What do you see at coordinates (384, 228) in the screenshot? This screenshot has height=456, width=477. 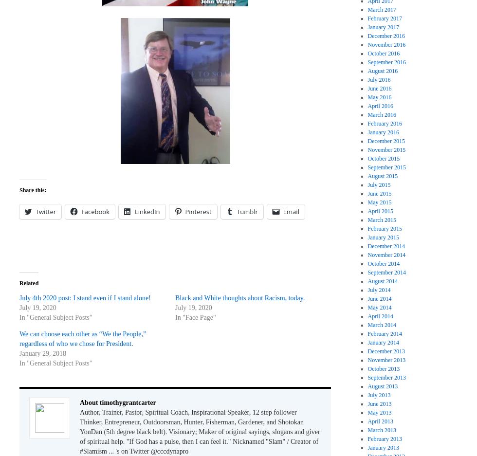 I see `'February 2015'` at bounding box center [384, 228].